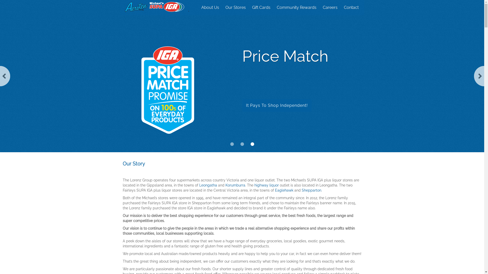 This screenshot has height=274, width=488. Describe the element at coordinates (284, 190) in the screenshot. I see `'Eaglehawk'` at that location.